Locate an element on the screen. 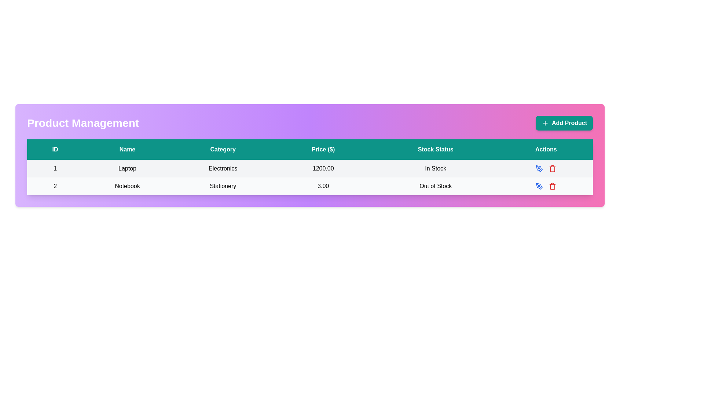  the button on the right-hand side of the 'Product Management' title is located at coordinates (564, 122).